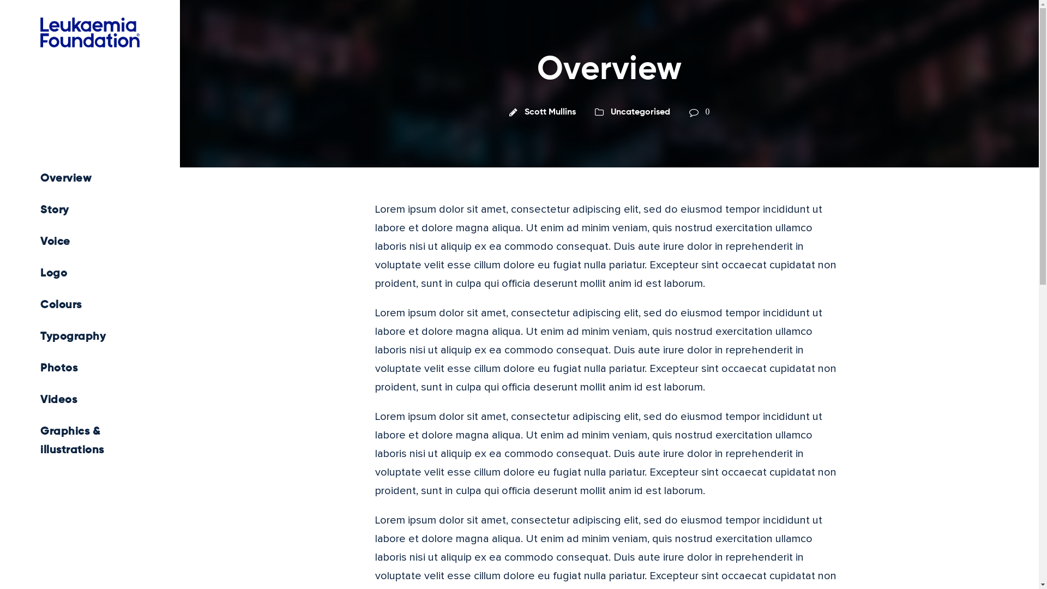  Describe the element at coordinates (89, 368) in the screenshot. I see `'Photos'` at that location.